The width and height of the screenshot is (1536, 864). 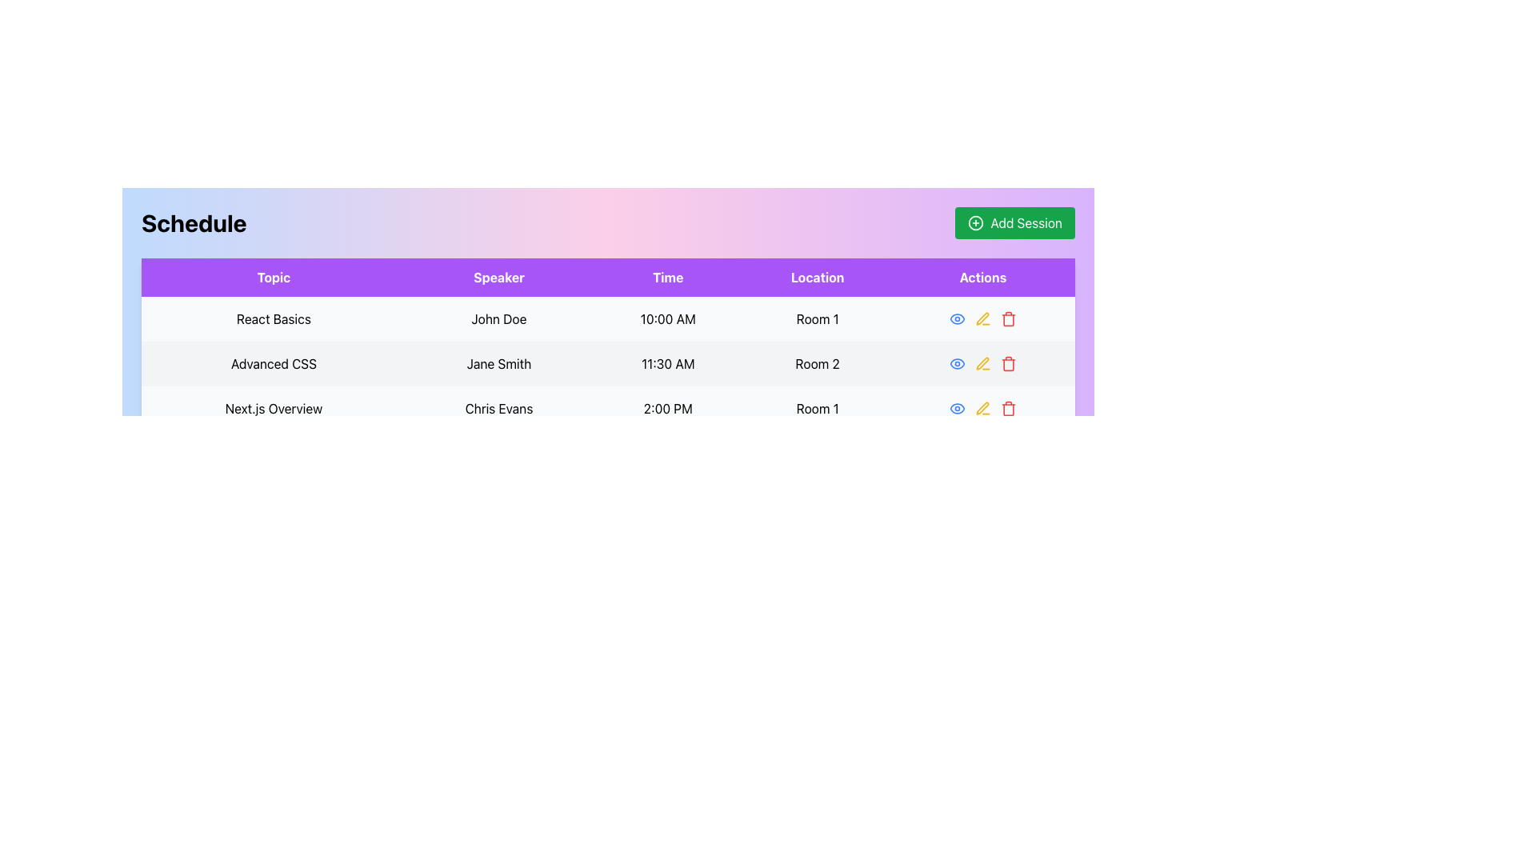 What do you see at coordinates (818, 318) in the screenshot?
I see `displayed text in the 'Location' column for the 'React Basics' session, which shows 'Room 1'` at bounding box center [818, 318].